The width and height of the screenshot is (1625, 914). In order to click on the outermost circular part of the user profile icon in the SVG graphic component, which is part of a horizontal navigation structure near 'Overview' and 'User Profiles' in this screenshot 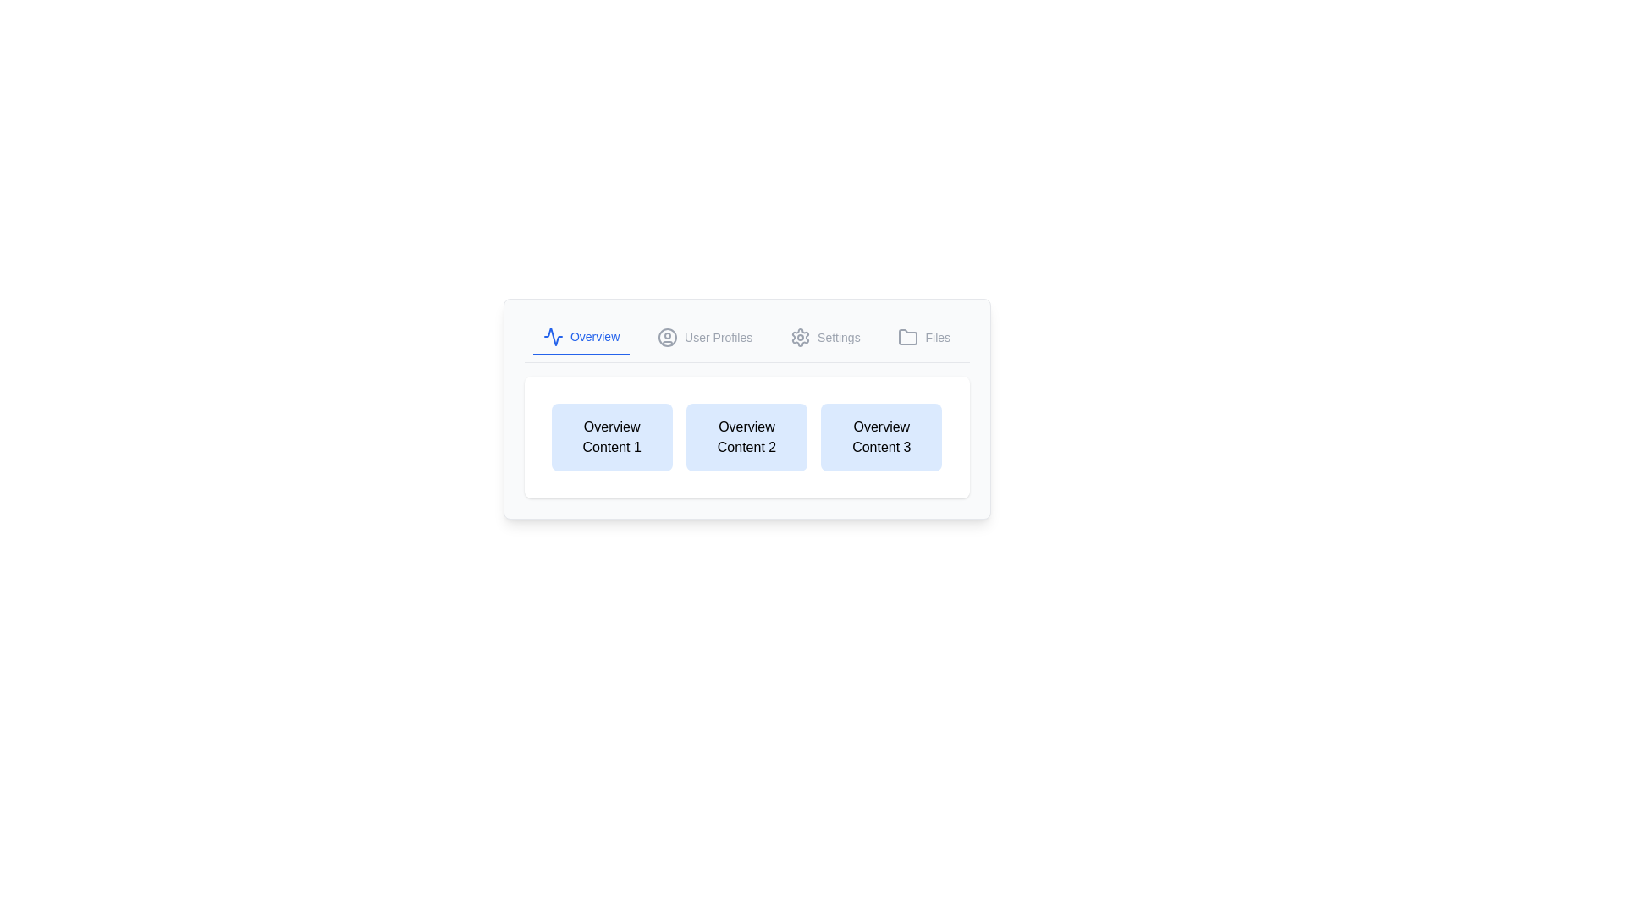, I will do `click(667, 337)`.